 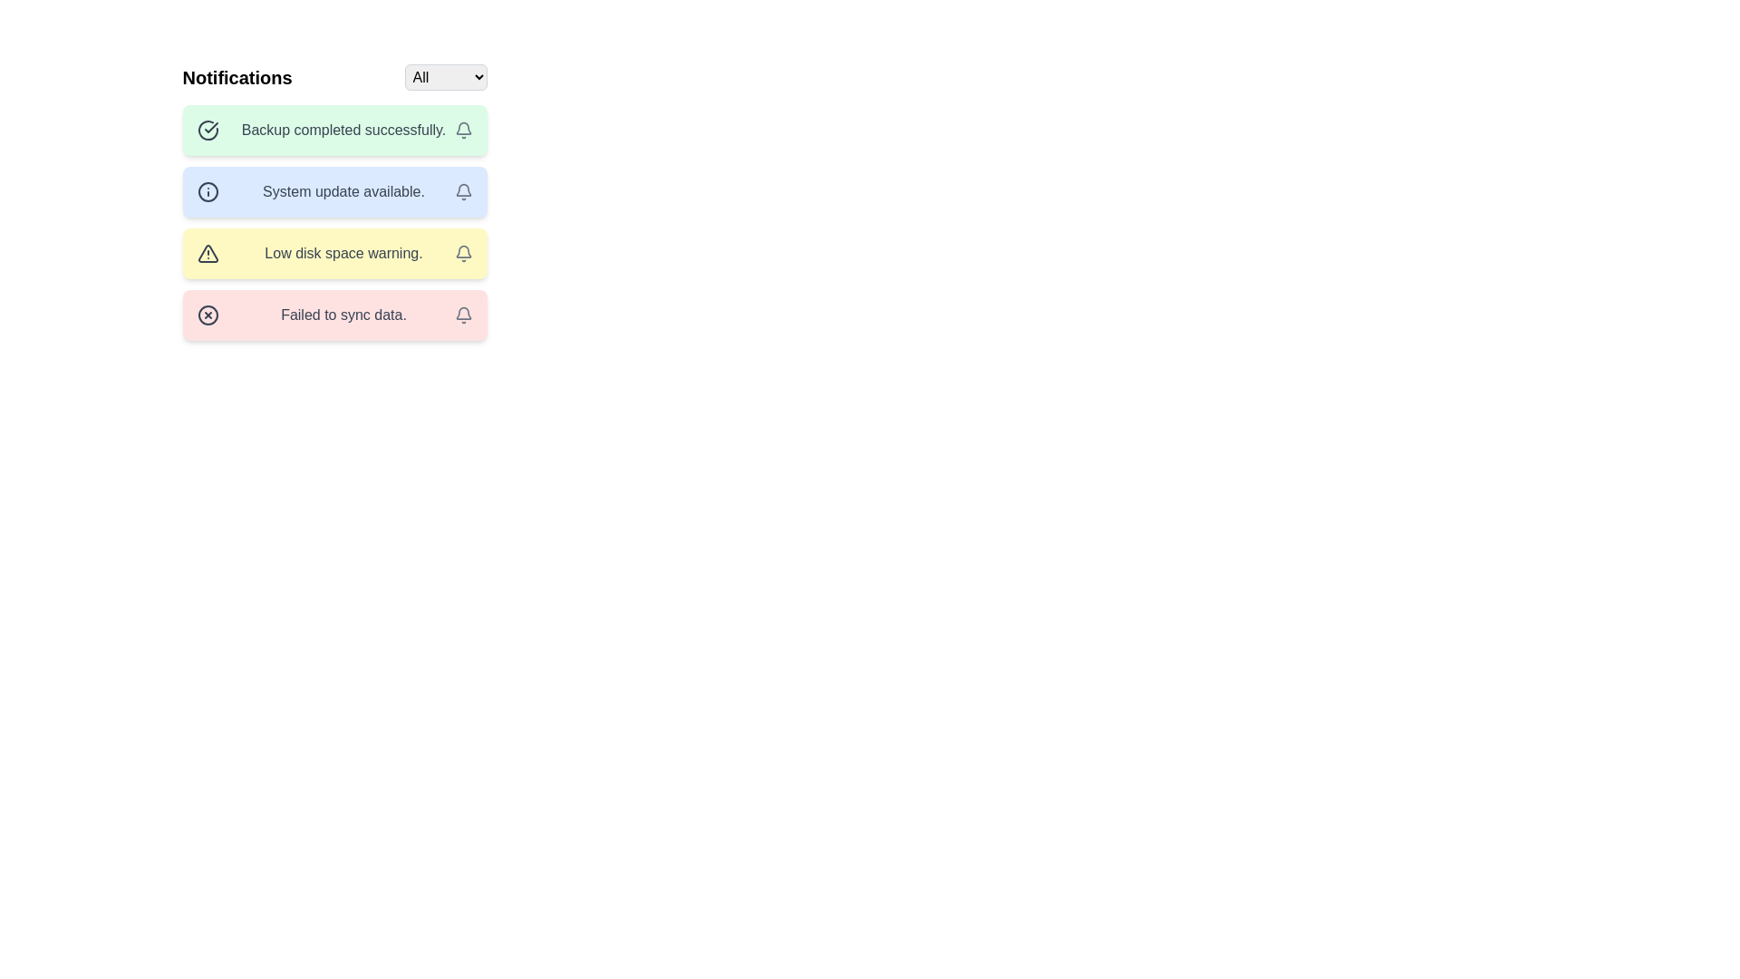 What do you see at coordinates (208, 314) in the screenshot?
I see `the error icon located in the left section of the fourth notification box, closely aligned with the text 'Failed to sync data.'` at bounding box center [208, 314].